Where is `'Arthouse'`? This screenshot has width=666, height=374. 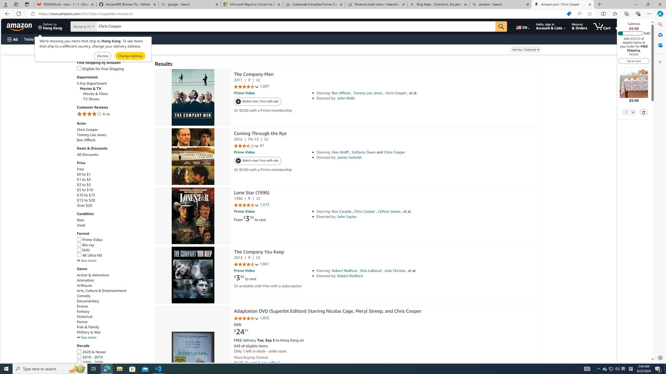 'Arthouse' is located at coordinates (113, 285).